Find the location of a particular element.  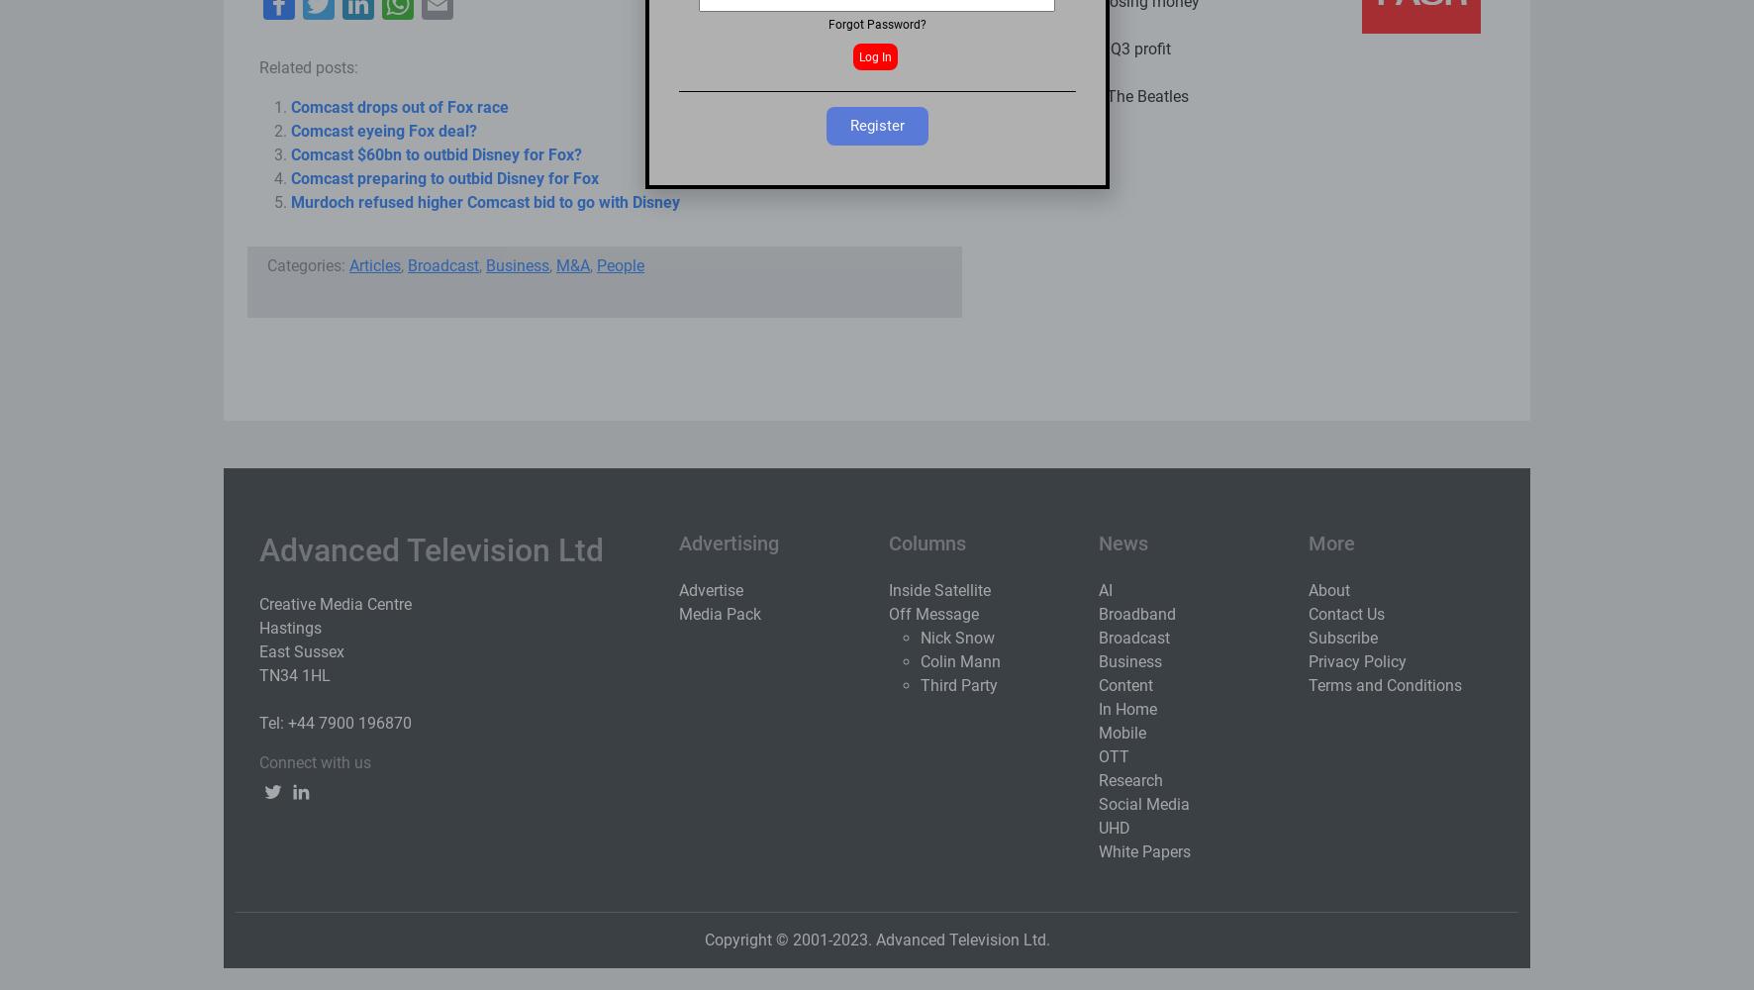

'Comcast preparing to outbid Disney for Fox' is located at coordinates (443, 177).